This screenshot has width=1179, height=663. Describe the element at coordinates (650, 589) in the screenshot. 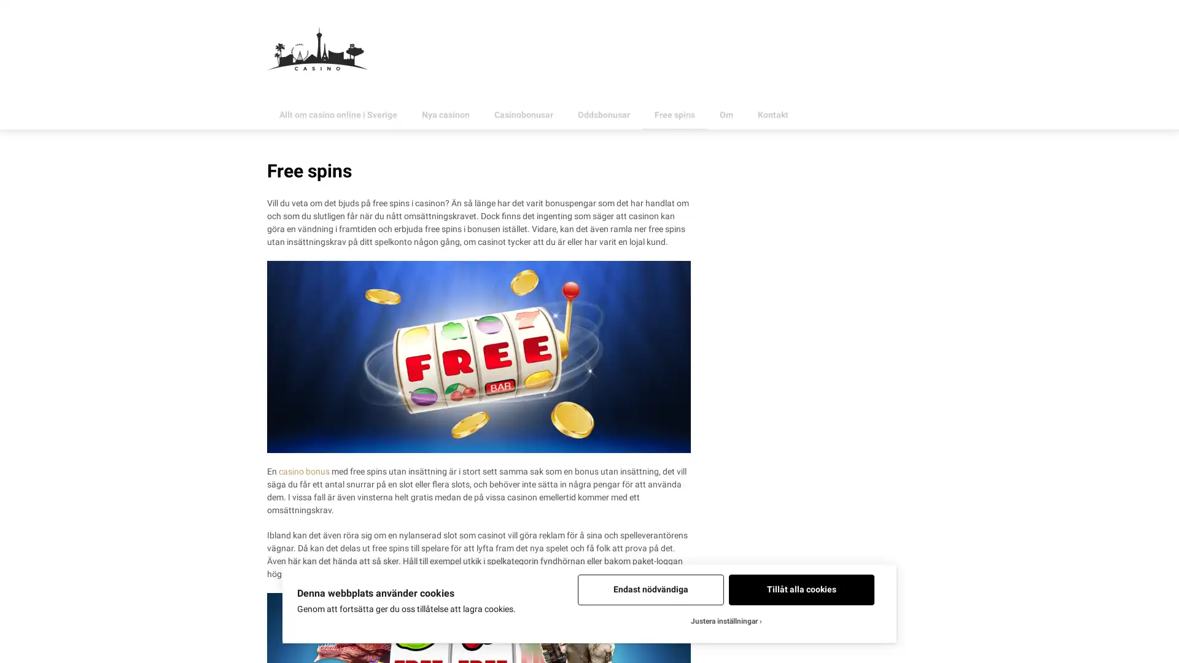

I see `Endast nodvandiga` at that location.